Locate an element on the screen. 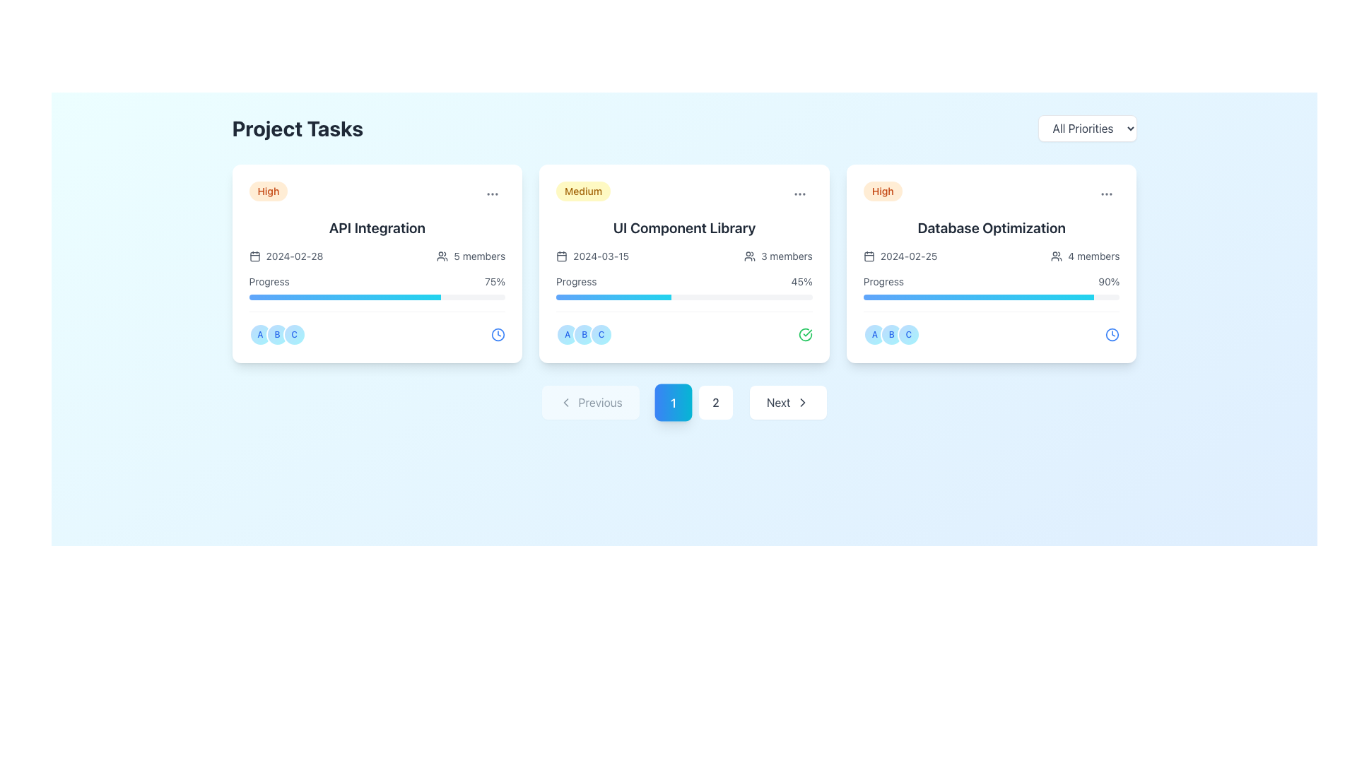 The image size is (1357, 763). the priority label located at the top-left corner of the card, above the title 'API Integration' is located at coordinates (268, 191).